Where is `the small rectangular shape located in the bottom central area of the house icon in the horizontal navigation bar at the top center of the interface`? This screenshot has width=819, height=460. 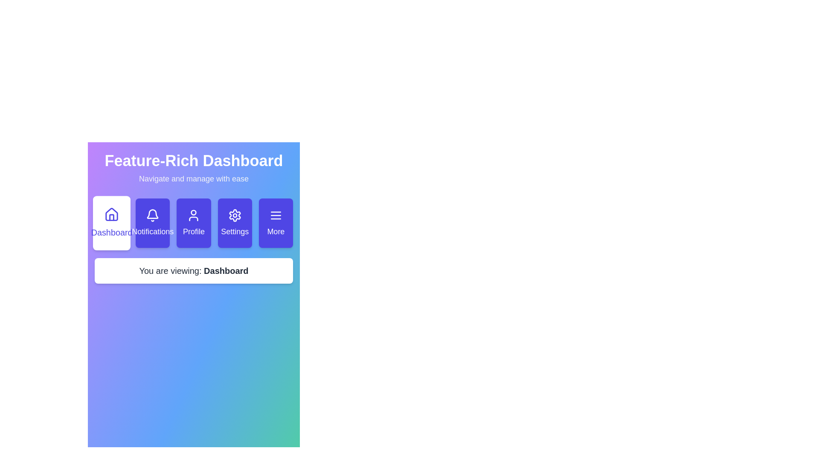 the small rectangular shape located in the bottom central area of the house icon in the horizontal navigation bar at the top center of the interface is located at coordinates (111, 217).